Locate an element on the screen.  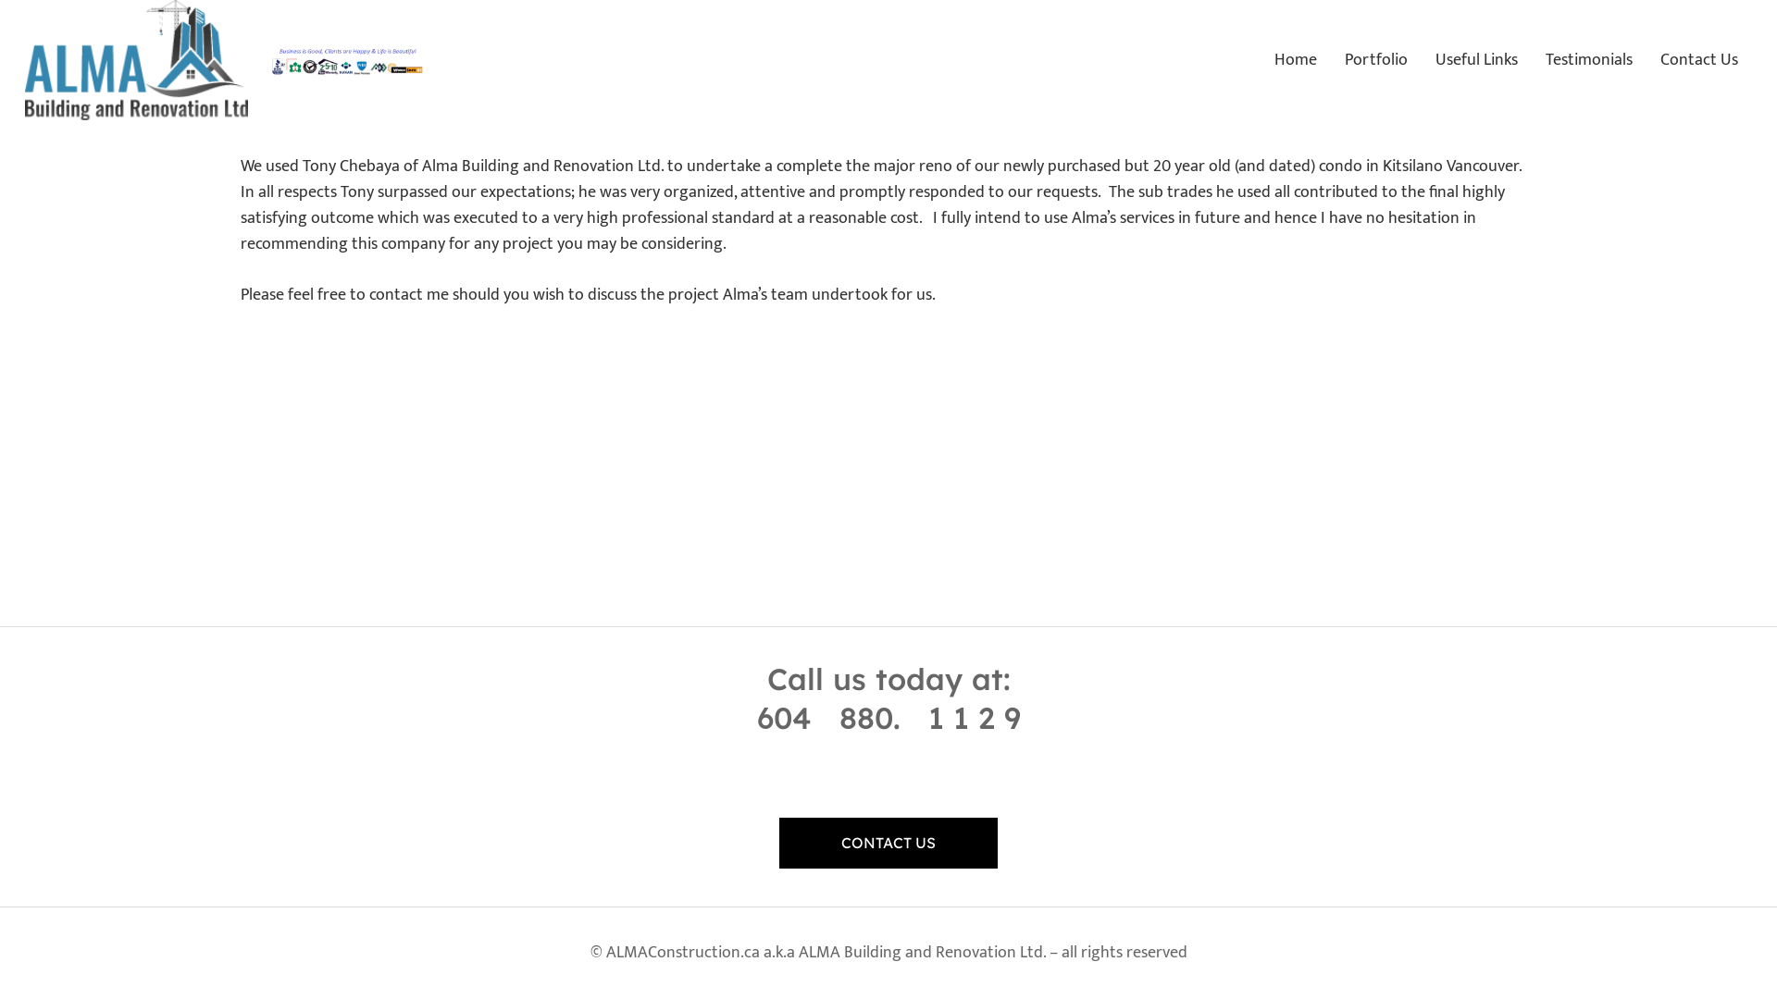
'Portfolio' is located at coordinates (1376, 59).